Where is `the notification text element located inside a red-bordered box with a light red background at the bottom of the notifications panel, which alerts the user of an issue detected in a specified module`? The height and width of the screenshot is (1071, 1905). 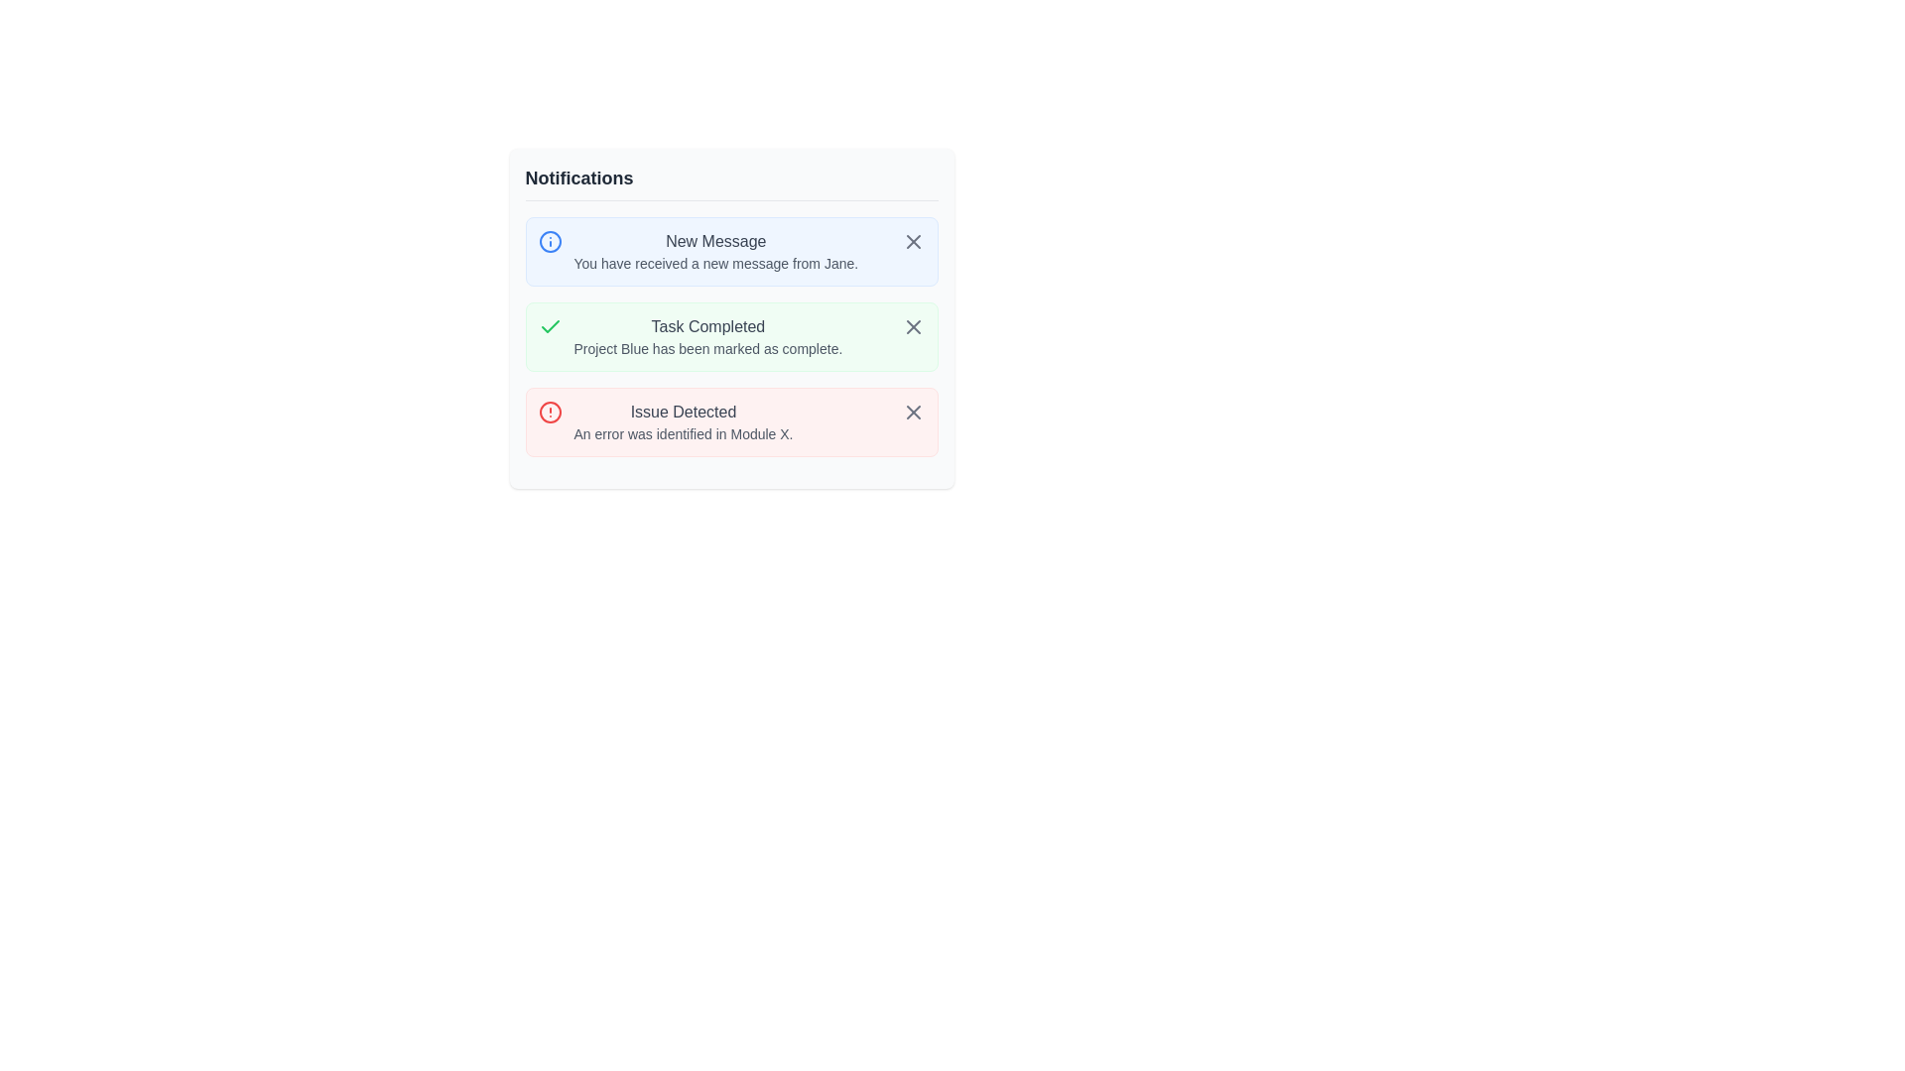 the notification text element located inside a red-bordered box with a light red background at the bottom of the notifications panel, which alerts the user of an issue detected in a specified module is located at coordinates (684, 420).